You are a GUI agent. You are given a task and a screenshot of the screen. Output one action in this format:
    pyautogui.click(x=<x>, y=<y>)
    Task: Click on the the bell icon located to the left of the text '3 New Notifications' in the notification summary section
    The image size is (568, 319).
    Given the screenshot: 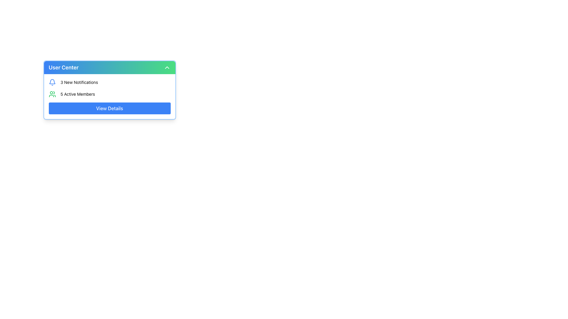 What is the action you would take?
    pyautogui.click(x=52, y=82)
    